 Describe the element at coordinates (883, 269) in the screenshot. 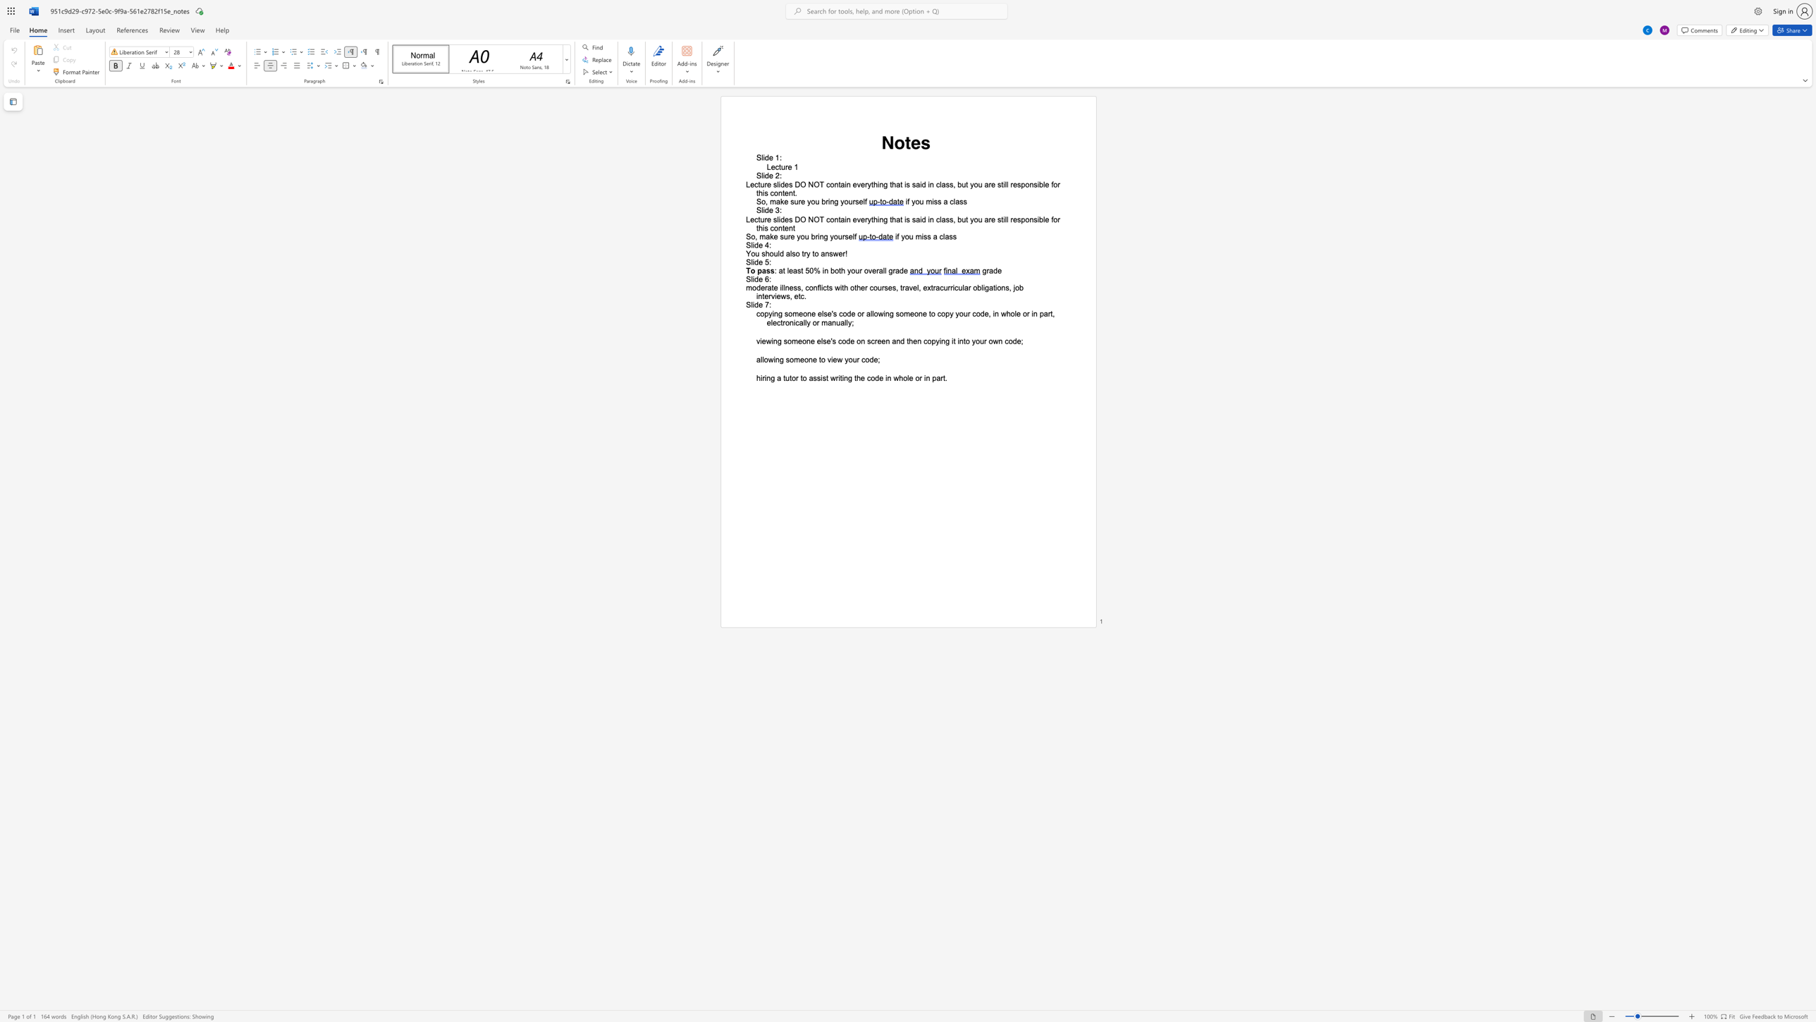

I see `the subset text "l grade" within the text ": at least 50% in both your overall grade"` at that location.